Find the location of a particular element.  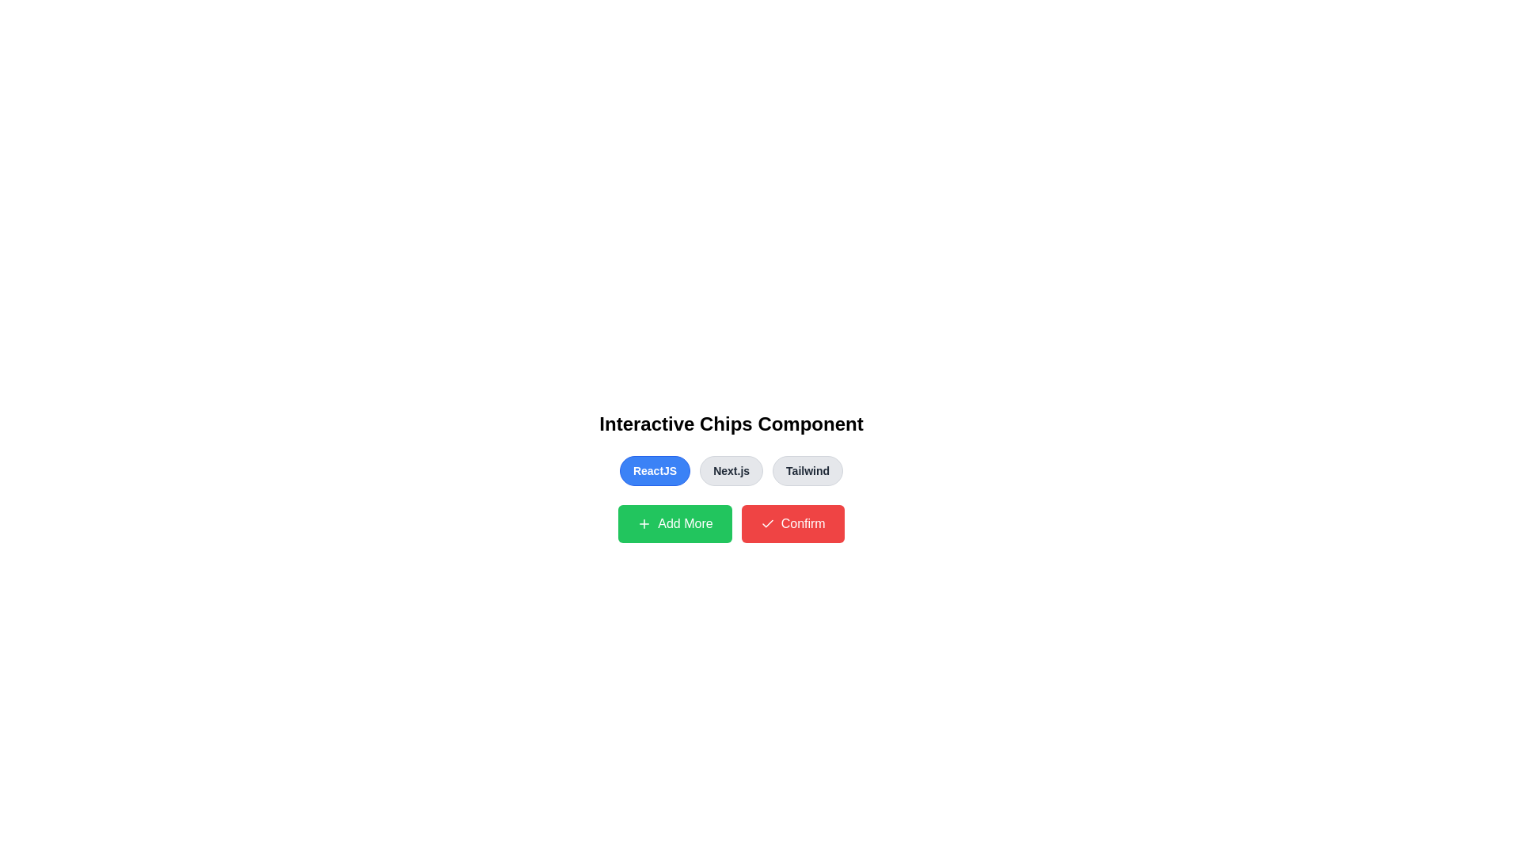

the button labeled Tailwind to observe its hover effect is located at coordinates (807, 469).